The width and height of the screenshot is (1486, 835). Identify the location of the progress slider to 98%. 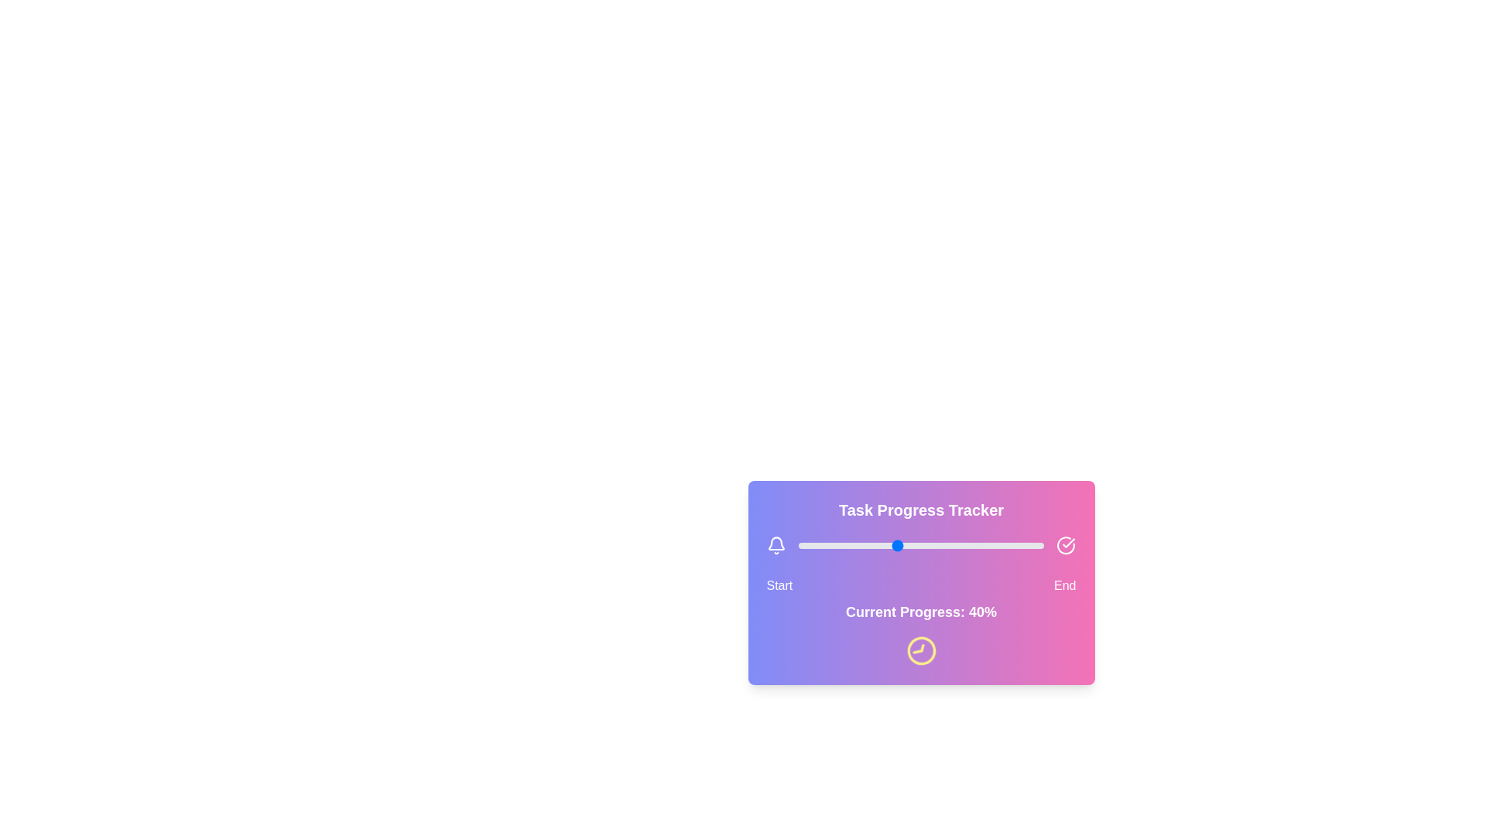
(1039, 544).